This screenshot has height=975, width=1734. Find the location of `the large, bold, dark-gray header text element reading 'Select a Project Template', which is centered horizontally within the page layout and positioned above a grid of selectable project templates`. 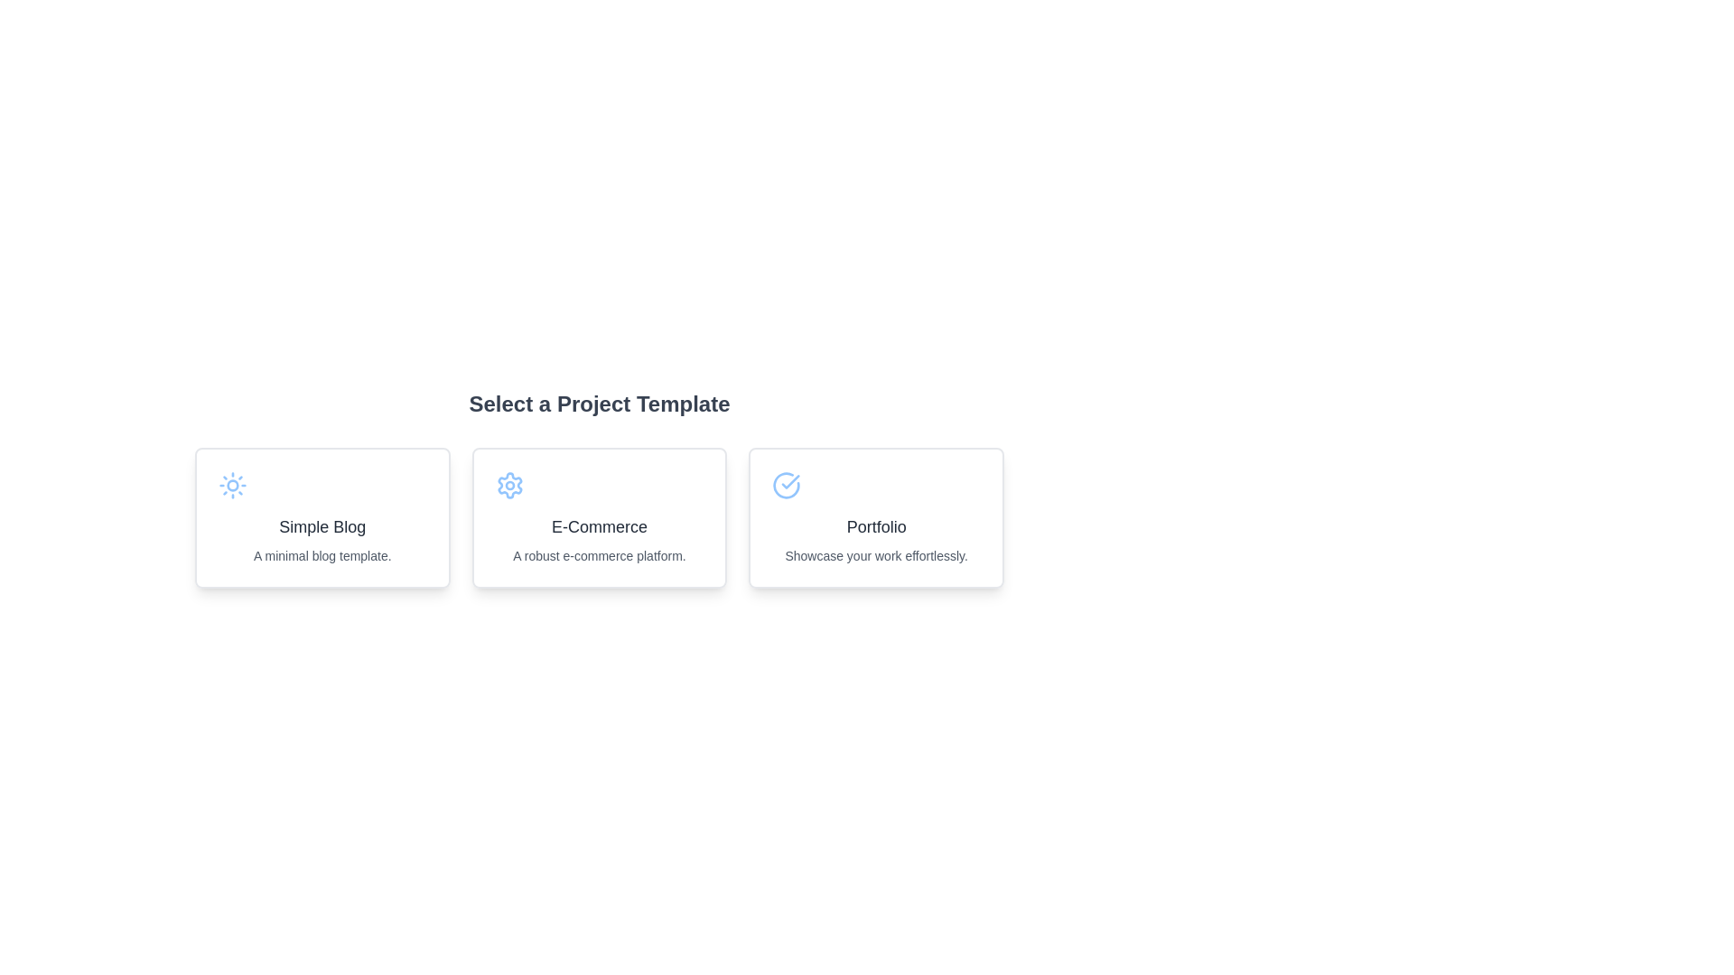

the large, bold, dark-gray header text element reading 'Select a Project Template', which is centered horizontally within the page layout and positioned above a grid of selectable project templates is located at coordinates (599, 403).